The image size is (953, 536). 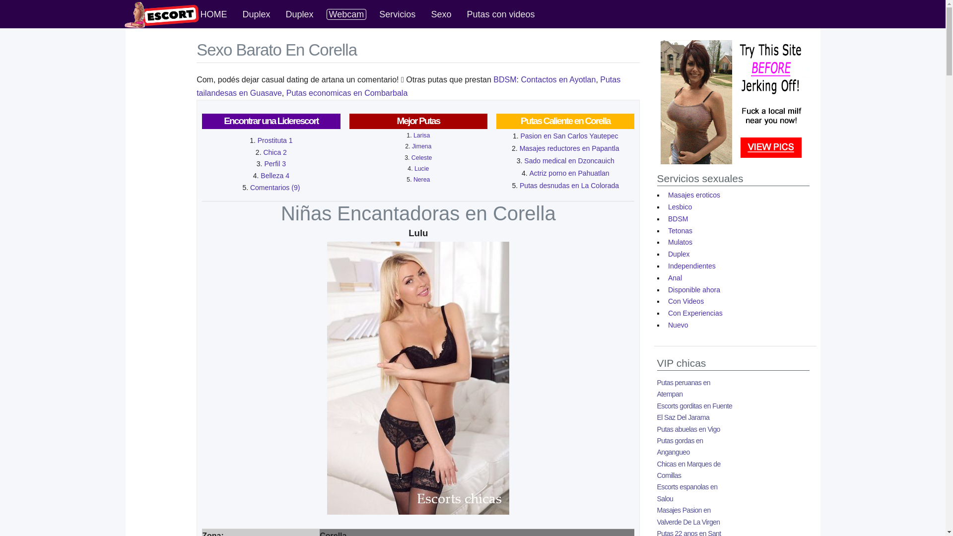 I want to click on 'Duplex', so click(x=240, y=14).